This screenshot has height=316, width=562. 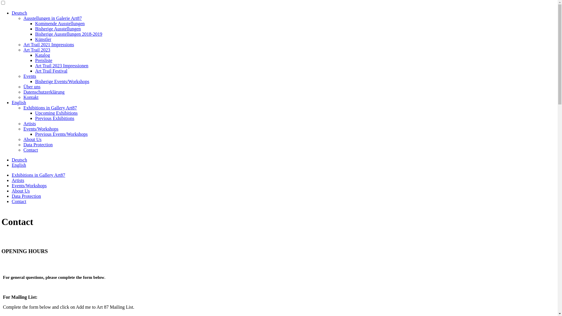 I want to click on 'Events/Workshops', so click(x=29, y=186).